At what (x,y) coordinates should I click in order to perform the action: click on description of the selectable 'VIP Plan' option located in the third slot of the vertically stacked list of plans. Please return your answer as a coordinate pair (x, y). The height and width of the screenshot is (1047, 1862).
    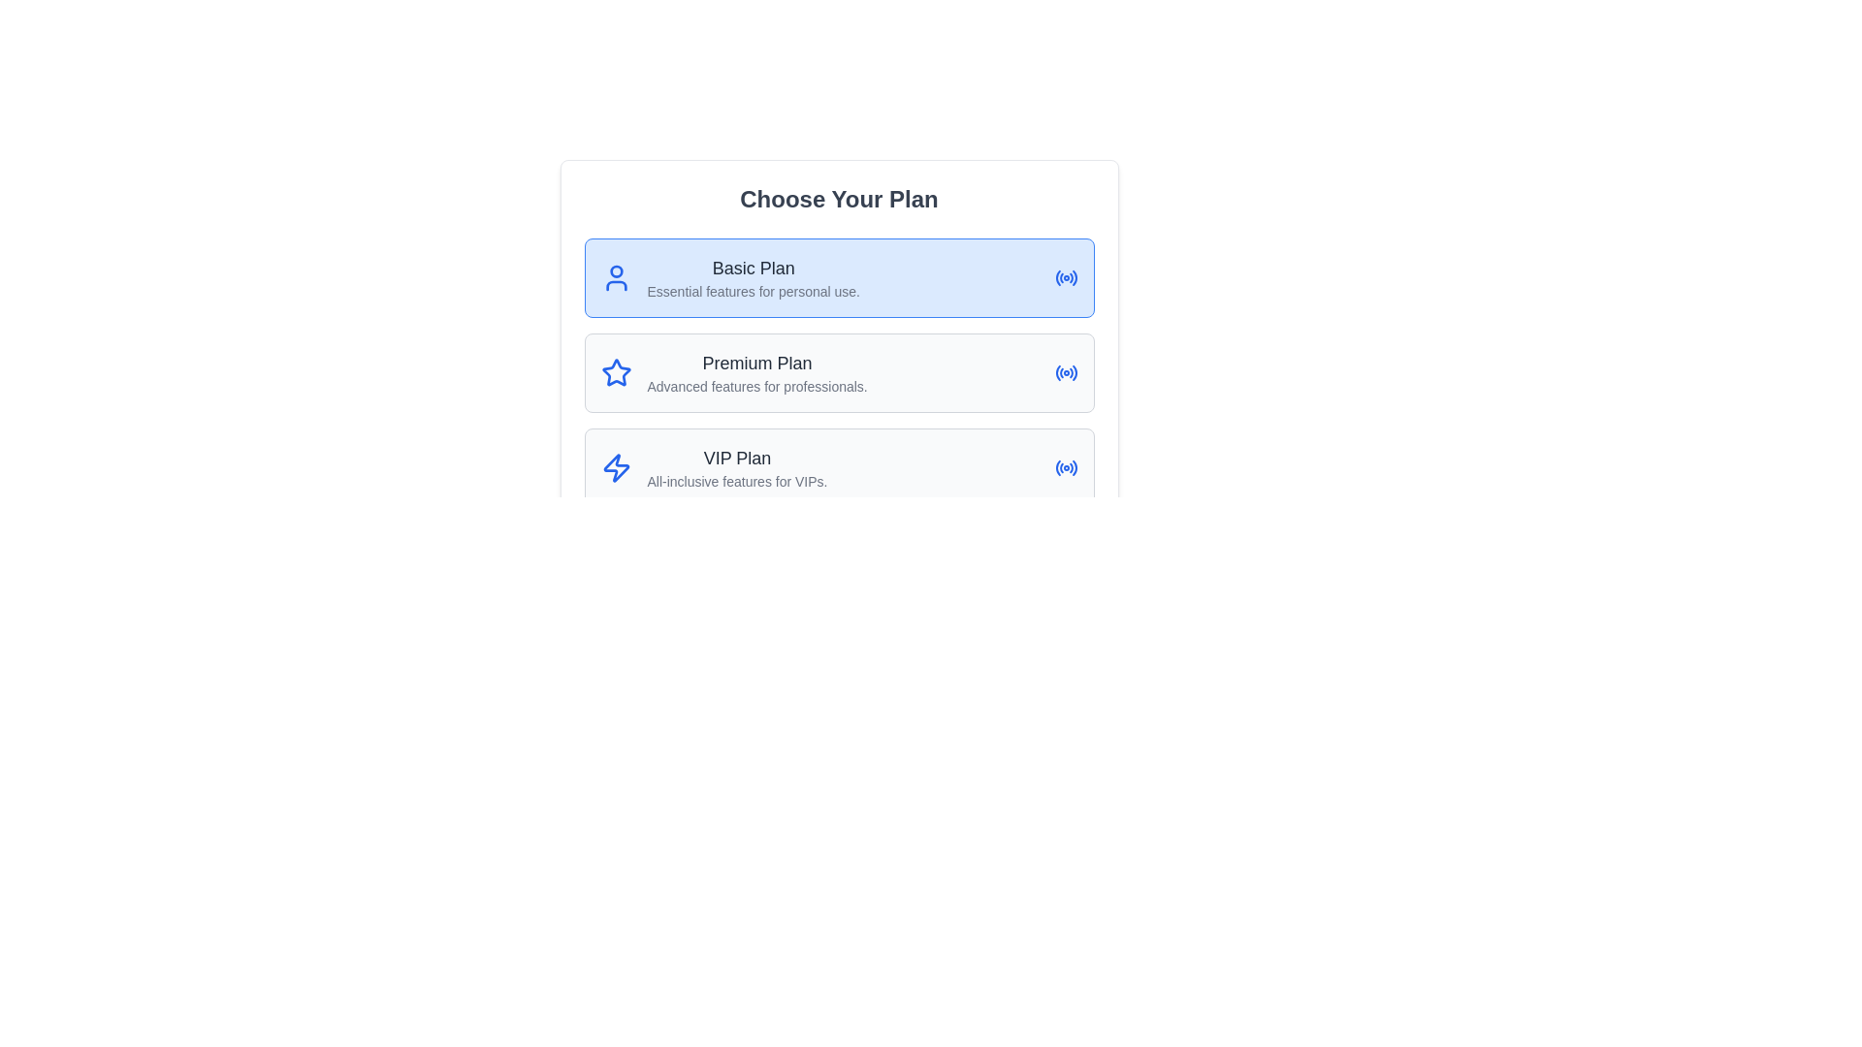
    Looking at the image, I should click on (736, 467).